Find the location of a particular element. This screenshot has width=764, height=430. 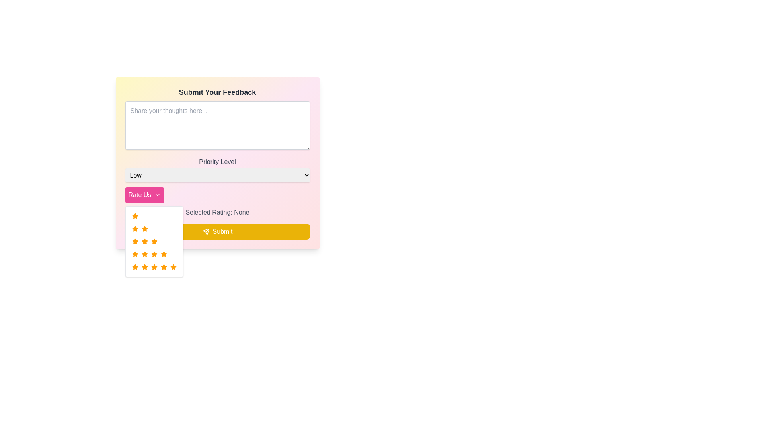

the selection on the orange star icon, which is the third star in the second row of the rating interface below the 'Rate Us' button is located at coordinates (144, 267).